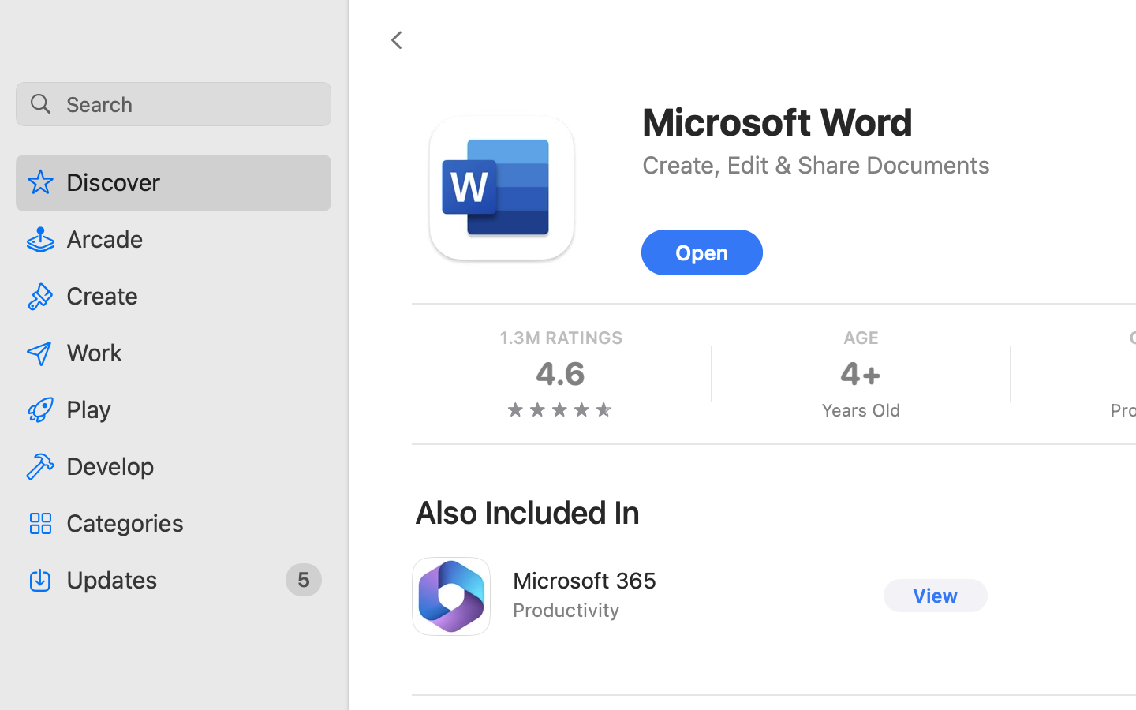 The width and height of the screenshot is (1136, 710). I want to click on 'four and three quarters stars', so click(561, 409).